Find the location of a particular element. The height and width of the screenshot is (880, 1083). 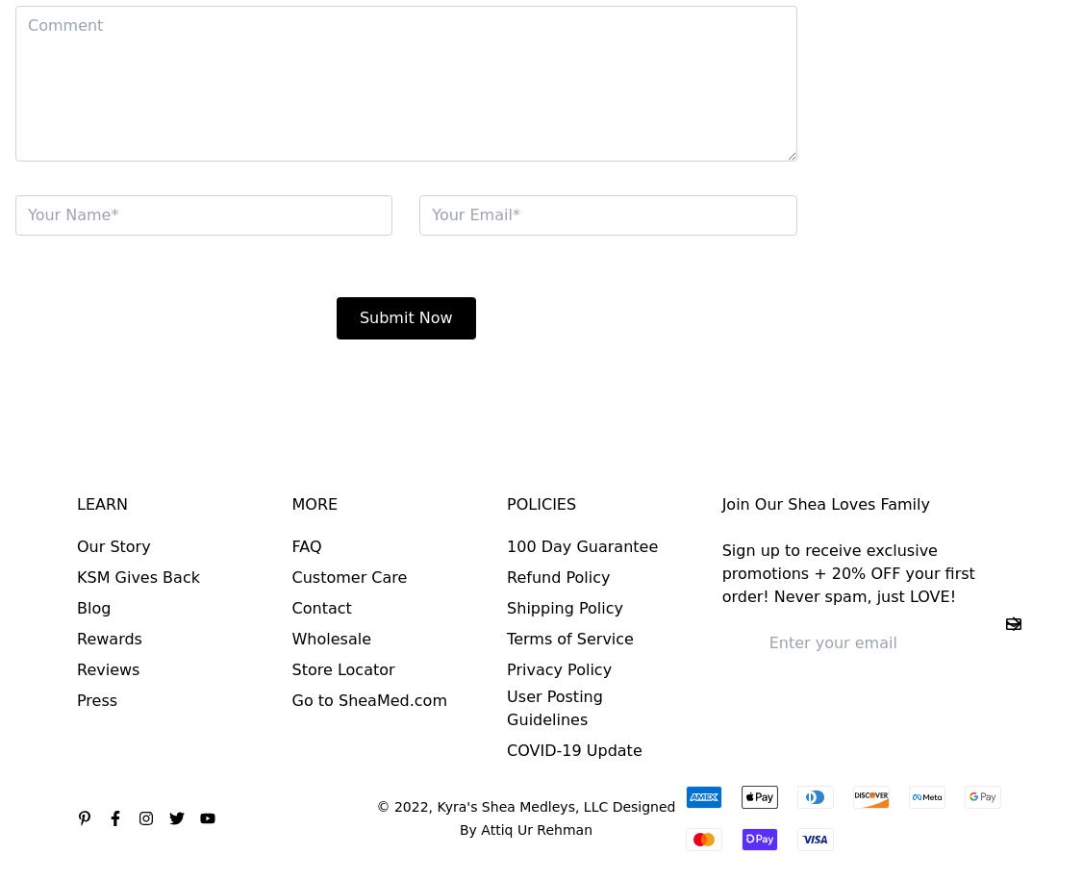

'Contact' is located at coordinates (320, 608).